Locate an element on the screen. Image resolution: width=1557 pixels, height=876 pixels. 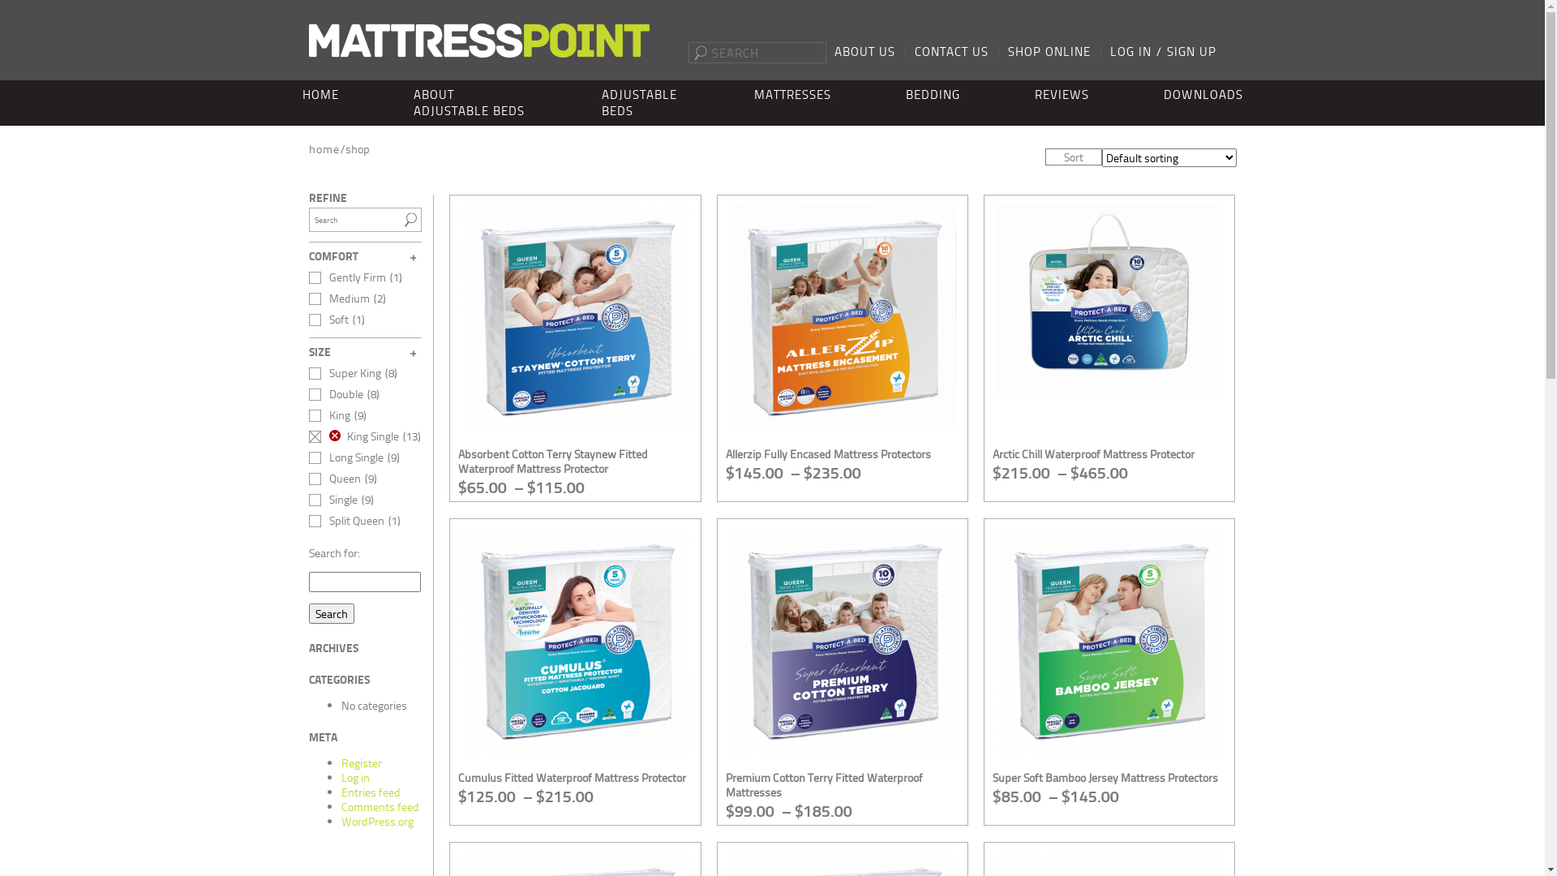
'CONTACT US' is located at coordinates (951, 50).